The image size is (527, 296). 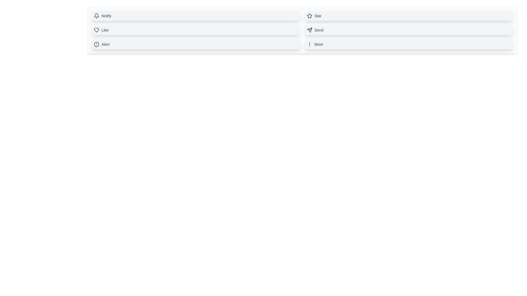 I want to click on the alert icon, which is a circular graphic with a stroke border, located as the third icon in the left pane below 'Notify' and 'Like', so click(x=96, y=44).